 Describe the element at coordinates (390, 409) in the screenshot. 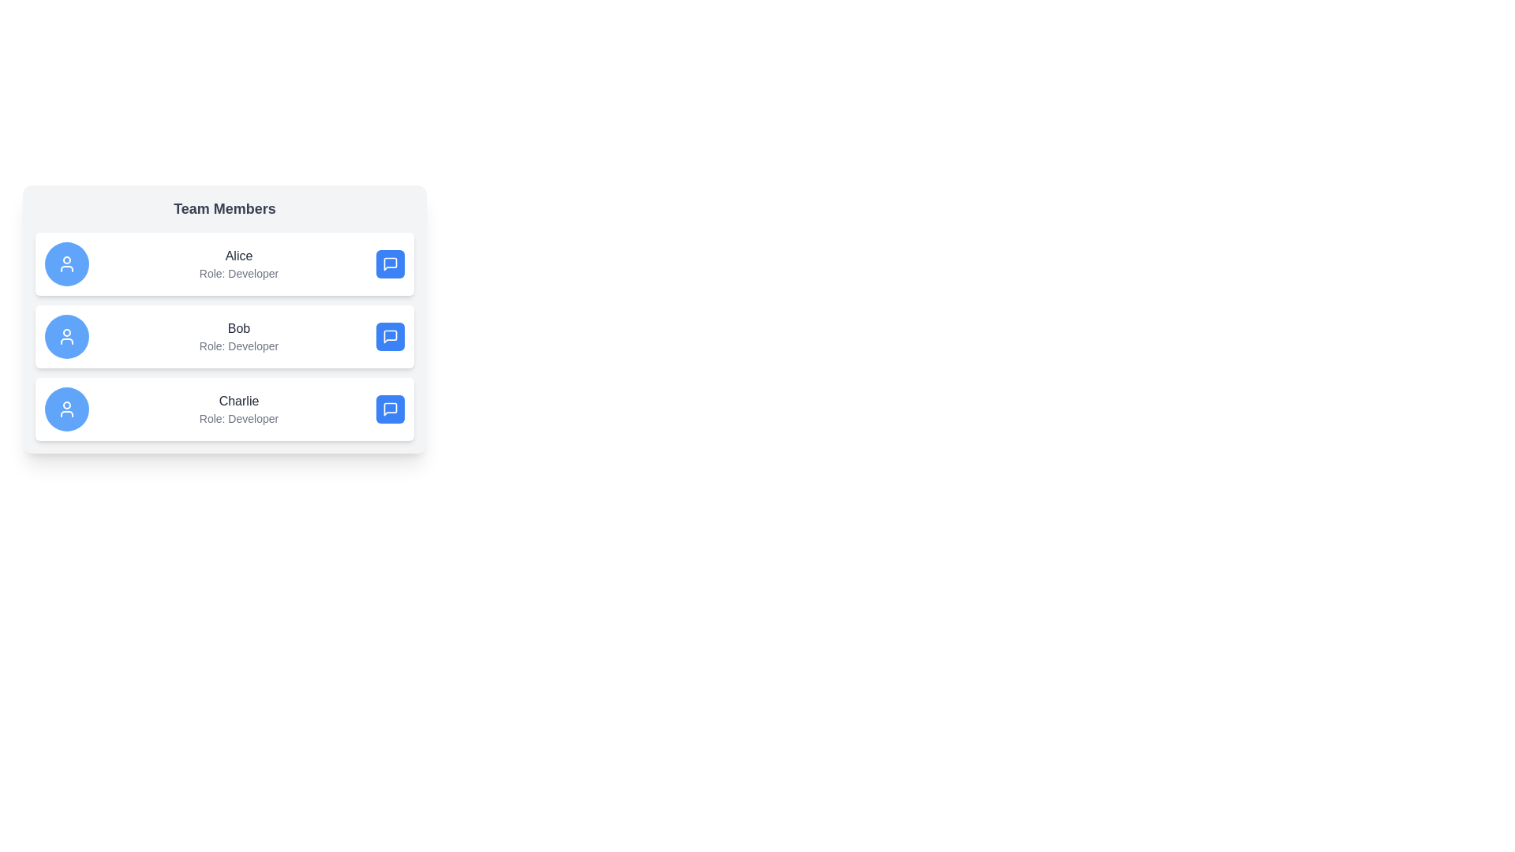

I see `the blue square button with a white speech bubble icon located to the far right of the user information row for 'Charlie' to initiate an action` at that location.